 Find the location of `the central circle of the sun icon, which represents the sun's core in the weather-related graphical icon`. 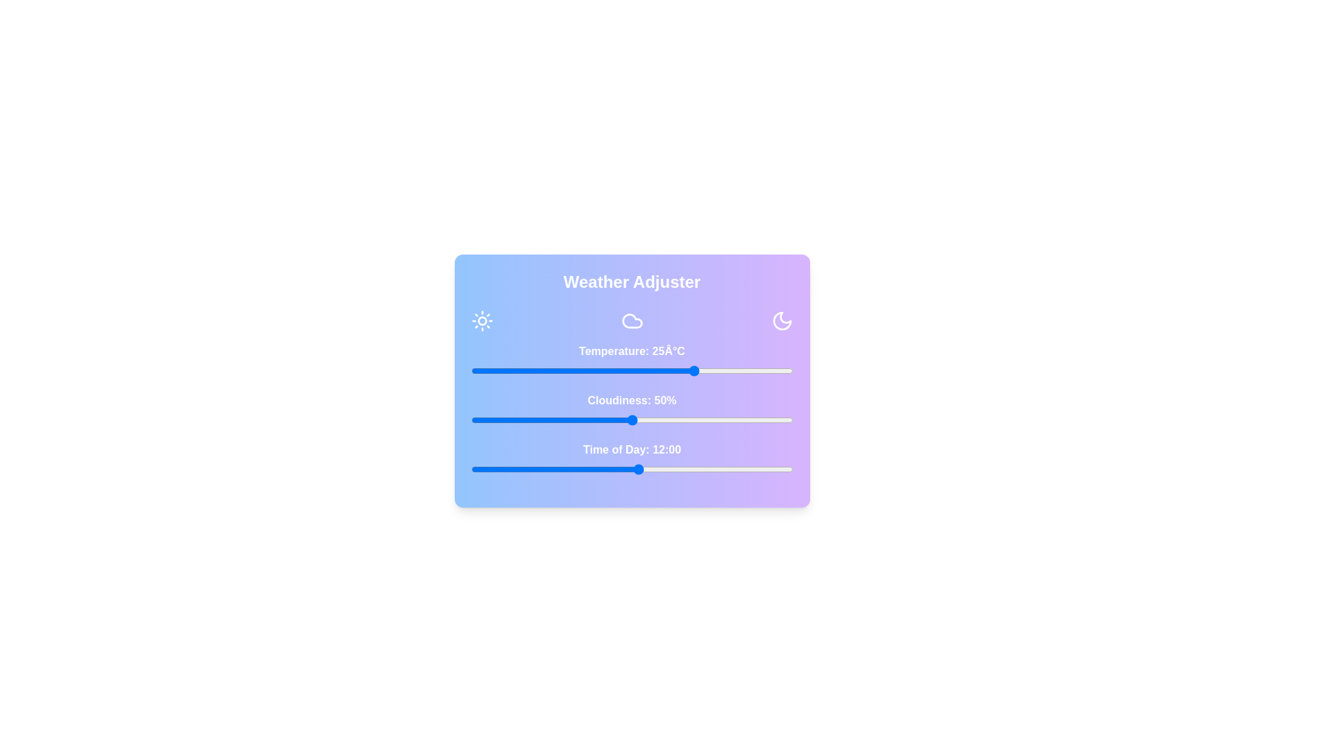

the central circle of the sun icon, which represents the sun's core in the weather-related graphical icon is located at coordinates (482, 320).